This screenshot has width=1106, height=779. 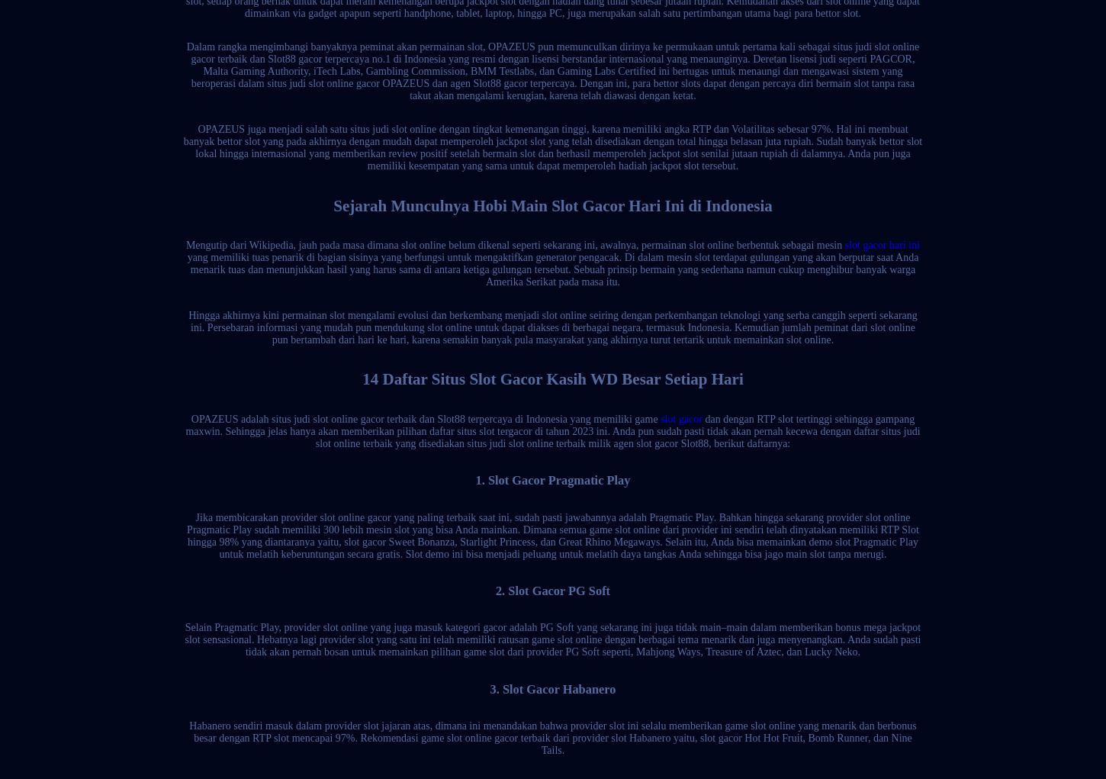 What do you see at coordinates (551, 430) in the screenshot?
I see `'dan dengan RTP slot tertinggi sehingga gampang maxwin. Sehingga jelas hanya akan memberikan pilihan daftar situs slot tergacor di tahun 2023 ini. Anda pun sudah pasti tidak akan pernah kecewa dengan daftar situs judi slot online terbaik yang disediakan situs judi slot online terbaik milik agen slot gacor Slot88, berikut daftarnya:'` at bounding box center [551, 430].